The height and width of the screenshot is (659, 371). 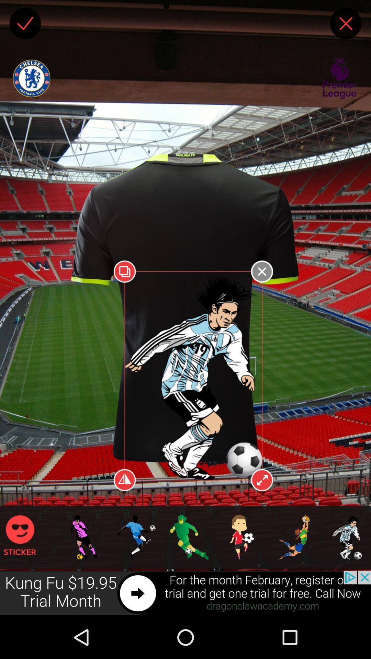 I want to click on to close the window, so click(x=346, y=23).